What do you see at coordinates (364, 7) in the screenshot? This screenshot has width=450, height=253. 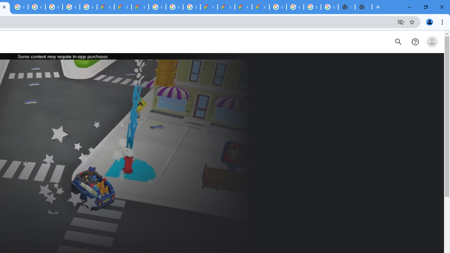 I see `'New Tab'` at bounding box center [364, 7].